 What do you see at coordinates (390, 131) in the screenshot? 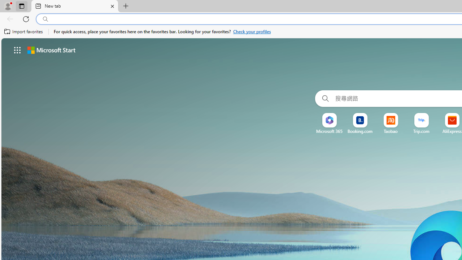
I see `'Taobao'` at bounding box center [390, 131].